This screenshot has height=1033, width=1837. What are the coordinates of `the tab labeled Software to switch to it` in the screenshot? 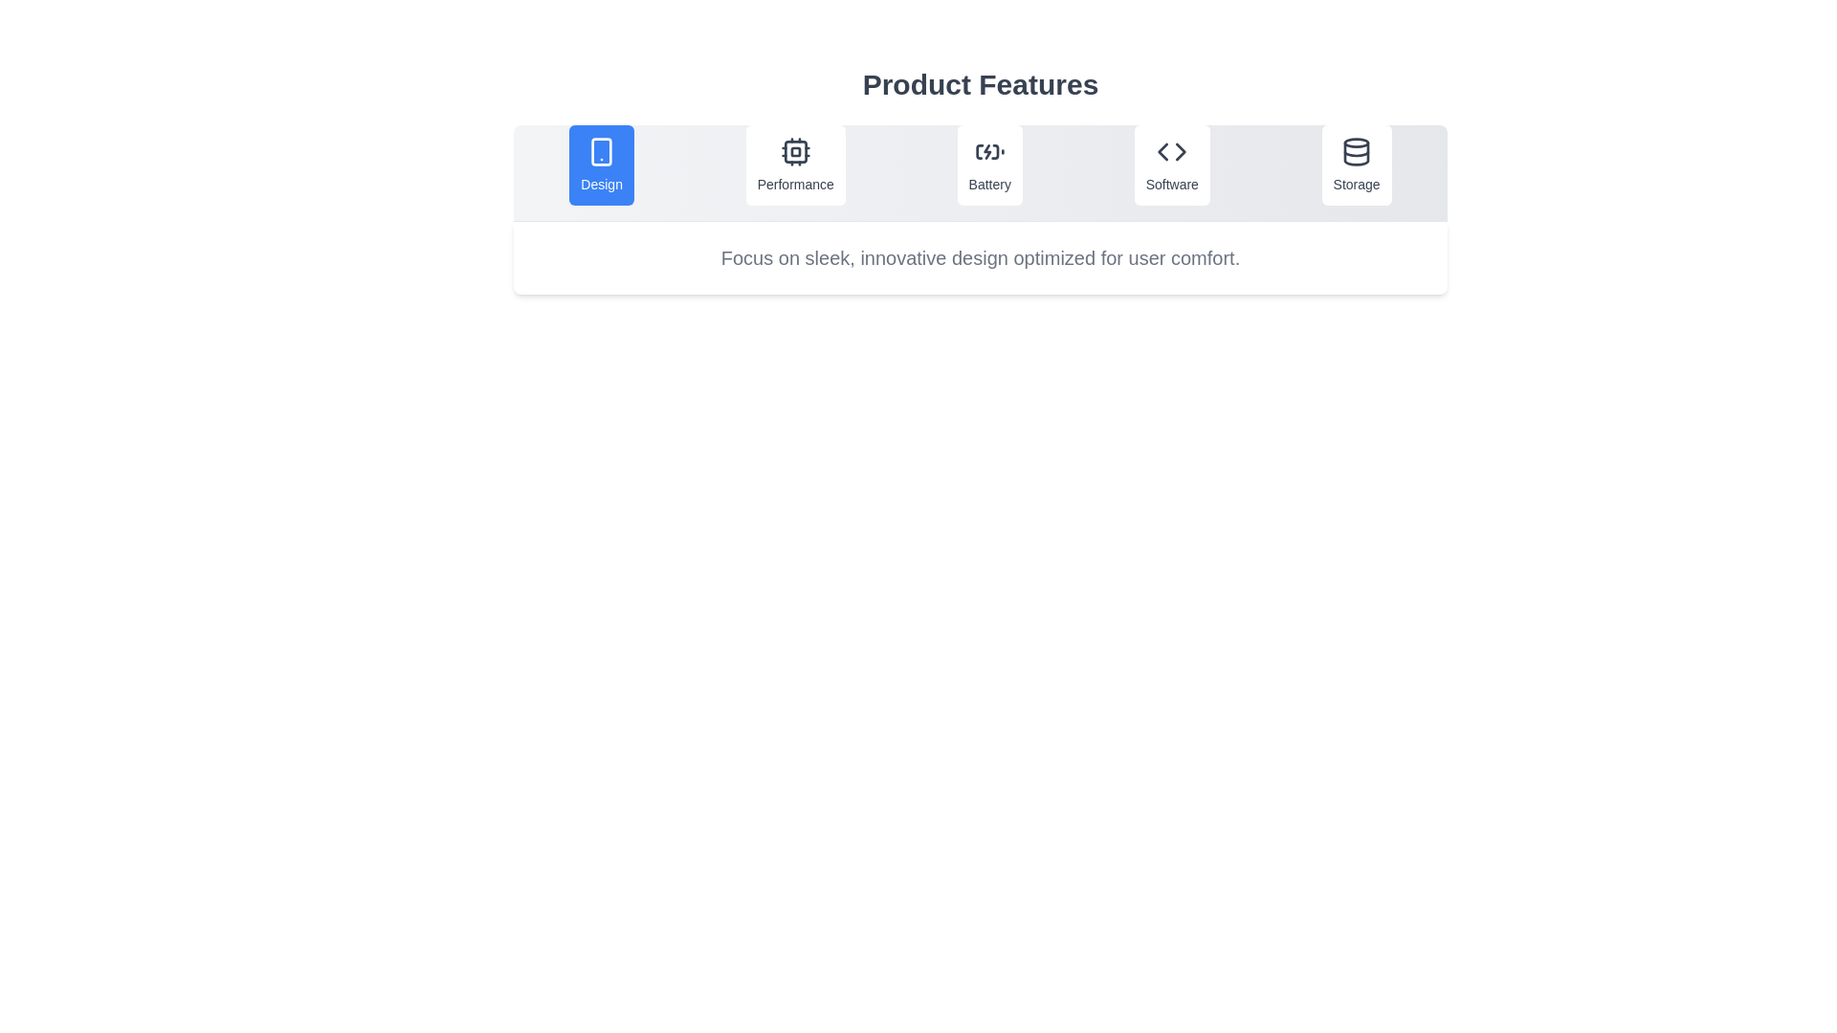 It's located at (1171, 165).